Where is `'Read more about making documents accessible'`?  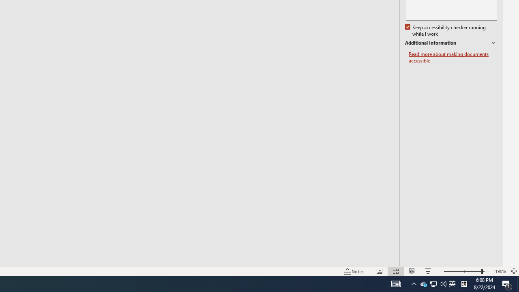
'Read more about making documents accessible' is located at coordinates (453, 57).